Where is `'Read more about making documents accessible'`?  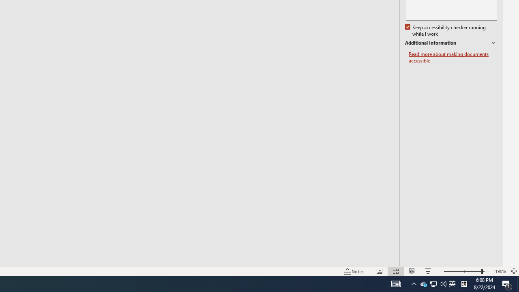
'Read more about making documents accessible' is located at coordinates (453, 57).